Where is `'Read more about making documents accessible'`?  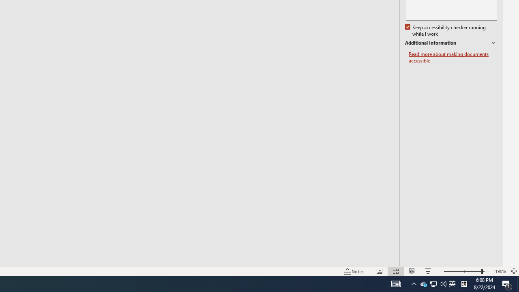
'Read more about making documents accessible' is located at coordinates (453, 57).